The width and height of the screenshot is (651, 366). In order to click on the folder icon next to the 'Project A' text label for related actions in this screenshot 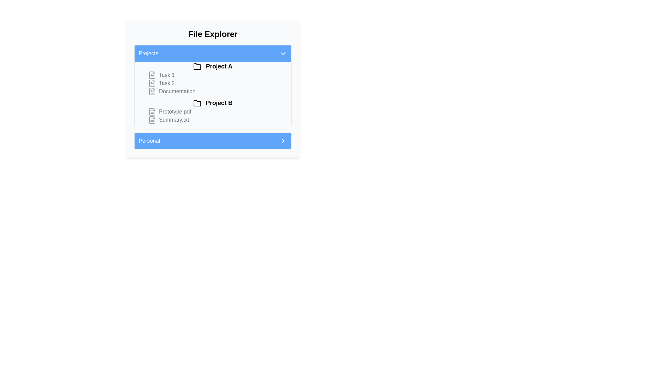, I will do `click(213, 66)`.